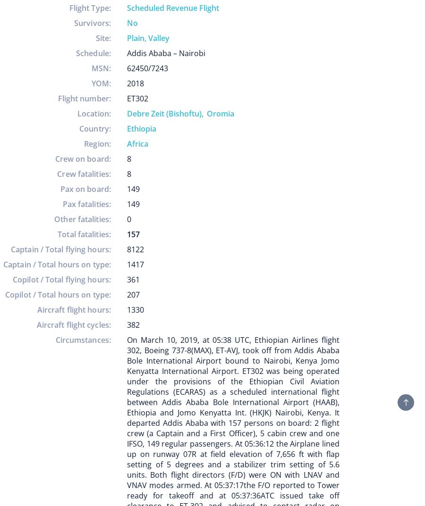  Describe the element at coordinates (97, 143) in the screenshot. I see `'Region:'` at that location.